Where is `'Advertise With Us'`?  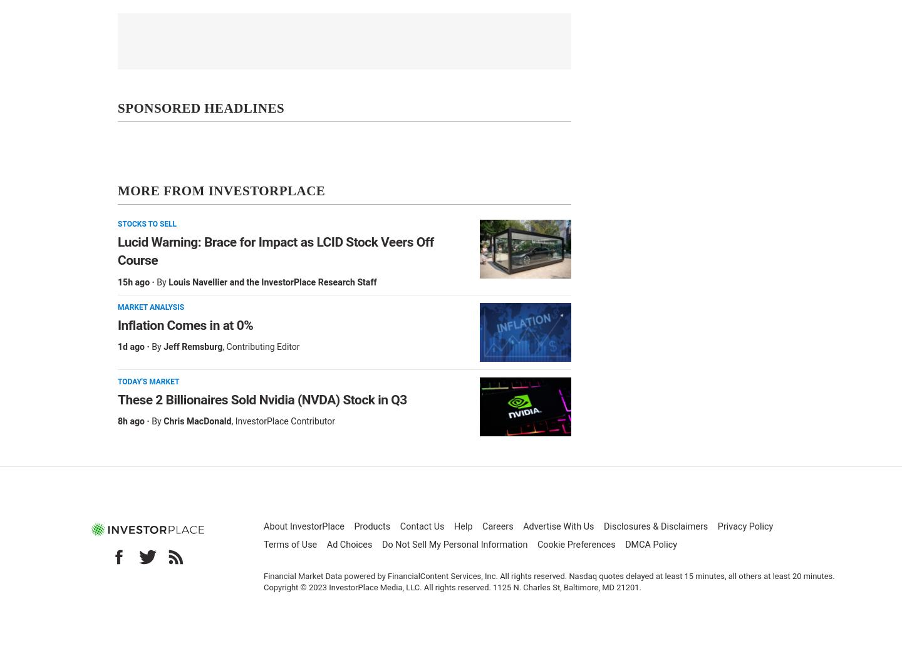
'Advertise With Us' is located at coordinates (557, 526).